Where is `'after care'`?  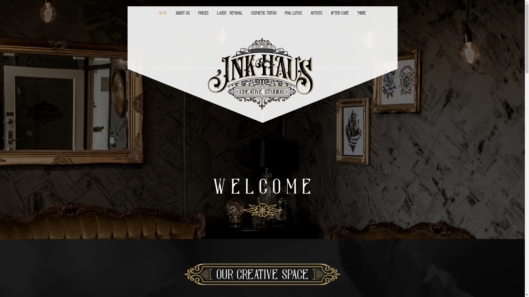 'after care' is located at coordinates (339, 13).